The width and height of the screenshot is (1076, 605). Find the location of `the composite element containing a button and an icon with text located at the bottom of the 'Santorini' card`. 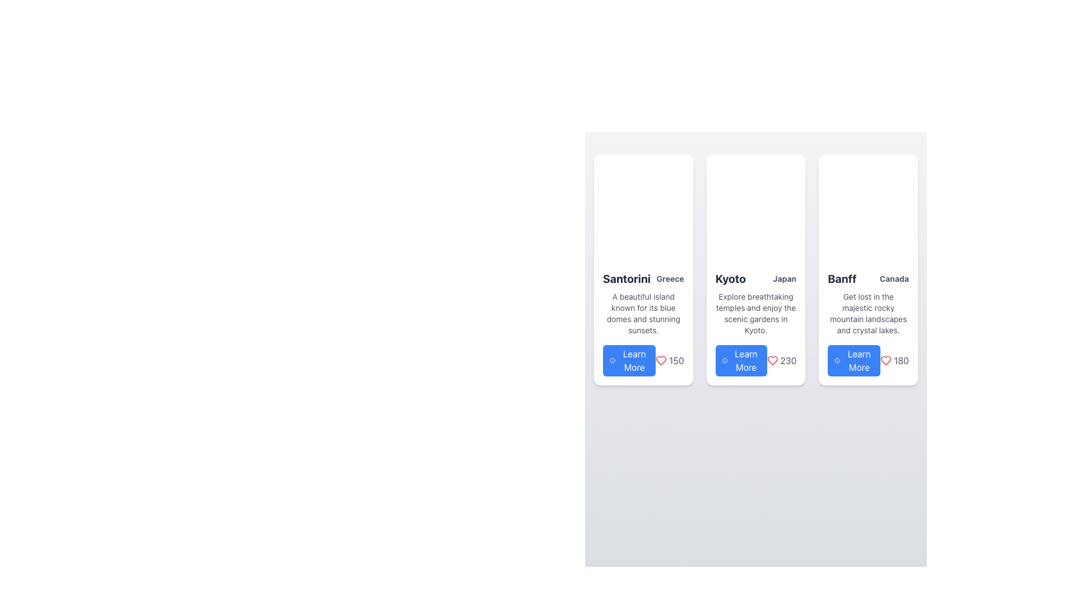

the composite element containing a button and an icon with text located at the bottom of the 'Santorini' card is located at coordinates (643, 361).